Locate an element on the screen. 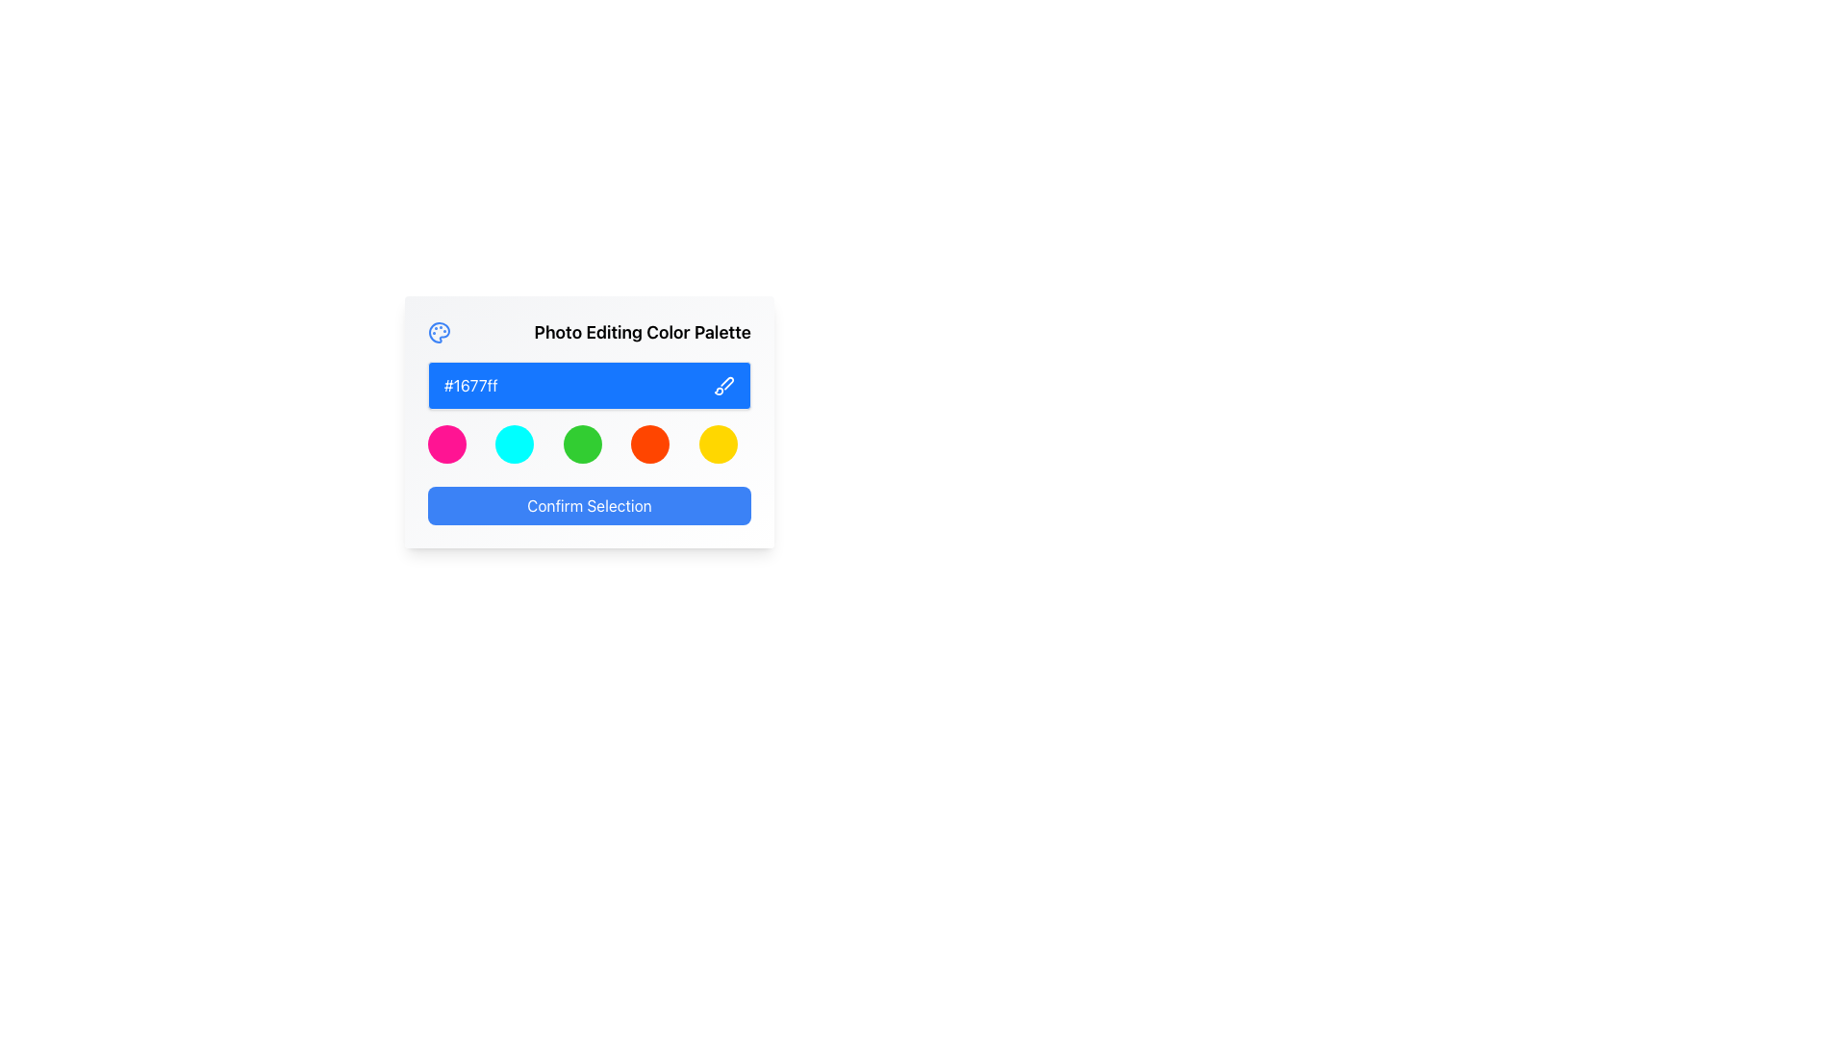 This screenshot has height=1039, width=1847. the blue paint palette icon with circular paint dabs located in the top-left corner of the Photo Editing Color Palette dialog box is located at coordinates (438, 332).